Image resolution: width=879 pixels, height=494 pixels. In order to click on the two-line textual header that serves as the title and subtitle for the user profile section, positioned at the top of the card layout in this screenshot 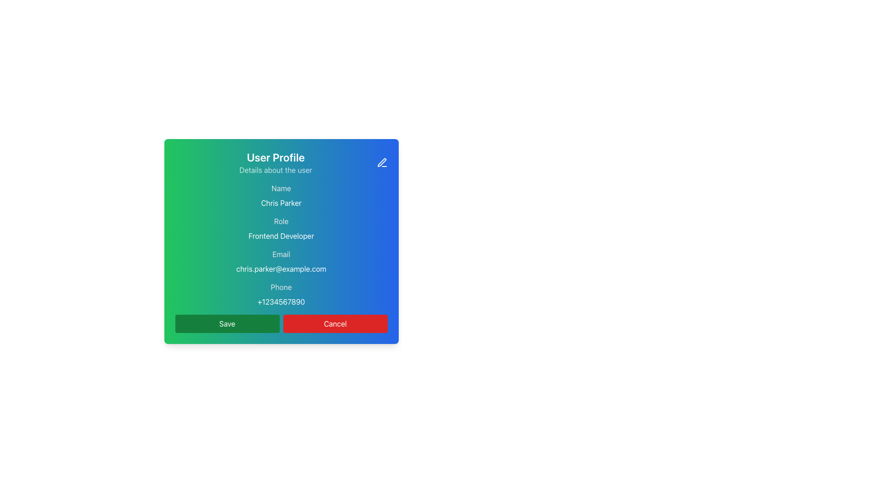, I will do `click(275, 162)`.